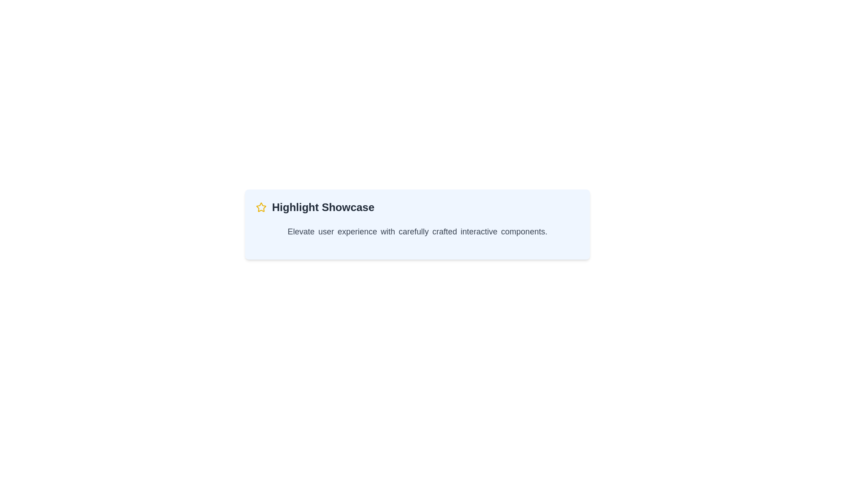 This screenshot has height=485, width=862. Describe the element at coordinates (413, 231) in the screenshot. I see `the fifth word 'carefully' in the static text line 'Elevate user experience with carefully crafted interactive components.' that is presented below the title 'Highlight Showcase'` at that location.